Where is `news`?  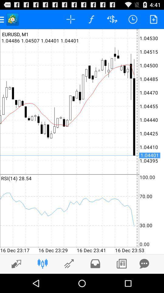 news is located at coordinates (121, 263).